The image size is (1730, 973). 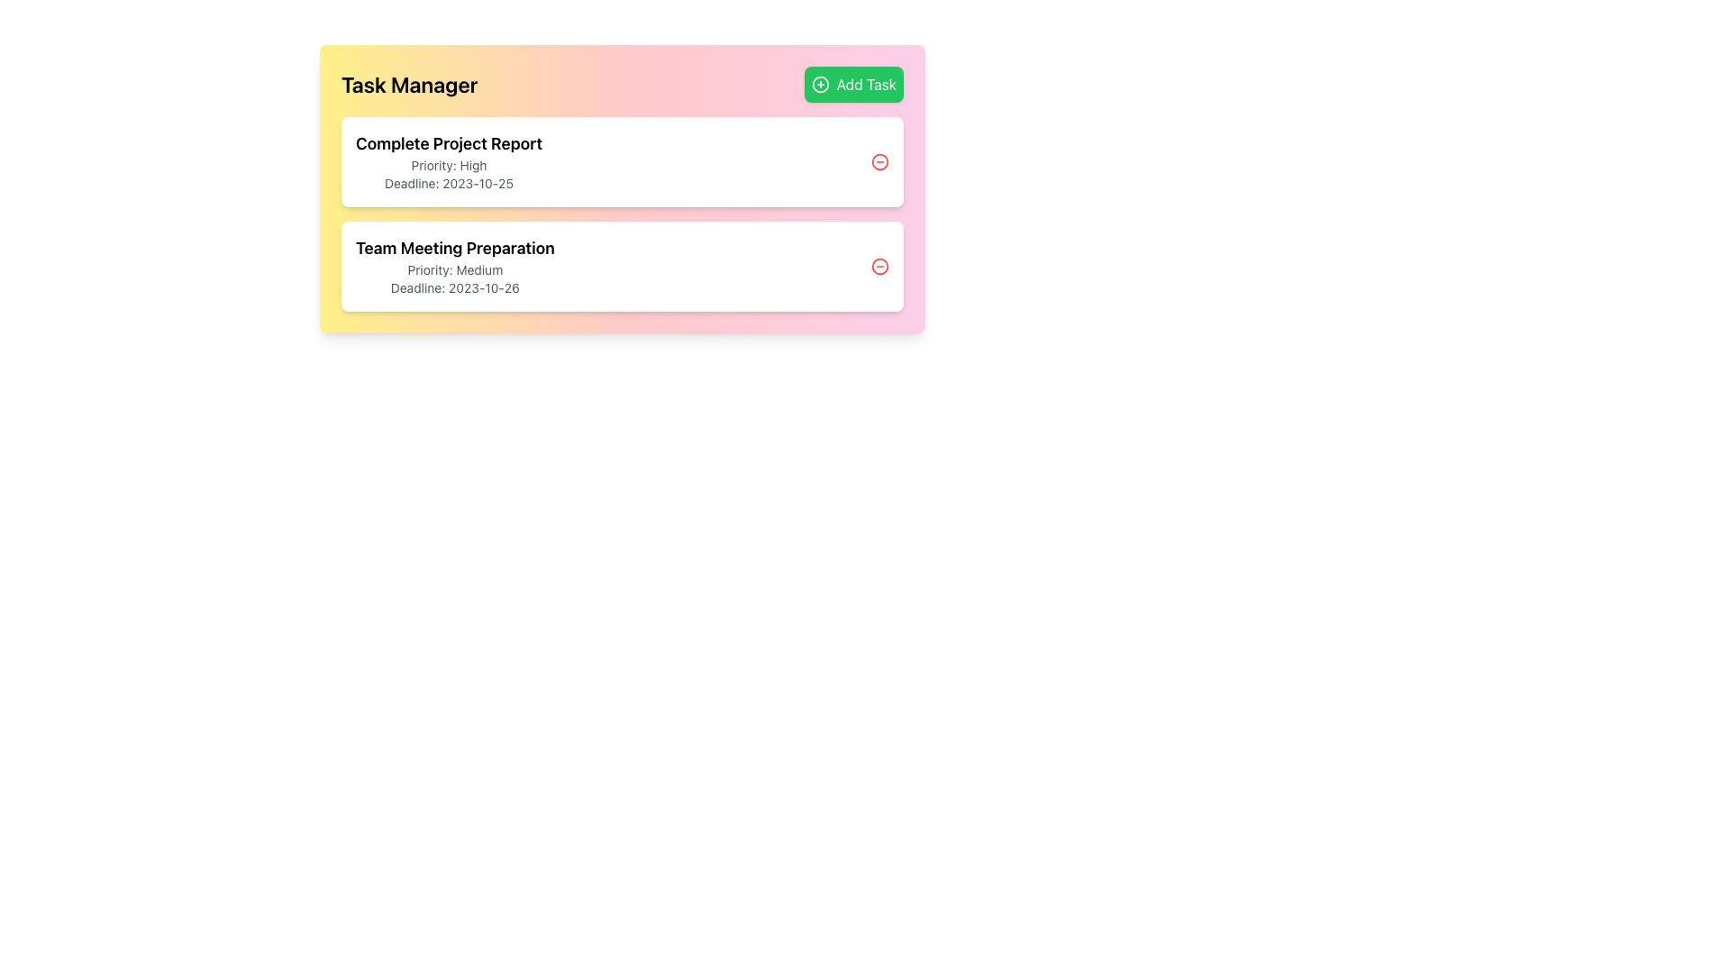 What do you see at coordinates (623, 214) in the screenshot?
I see `the 'Team Meeting Preparation' task item in the Task Manager section` at bounding box center [623, 214].